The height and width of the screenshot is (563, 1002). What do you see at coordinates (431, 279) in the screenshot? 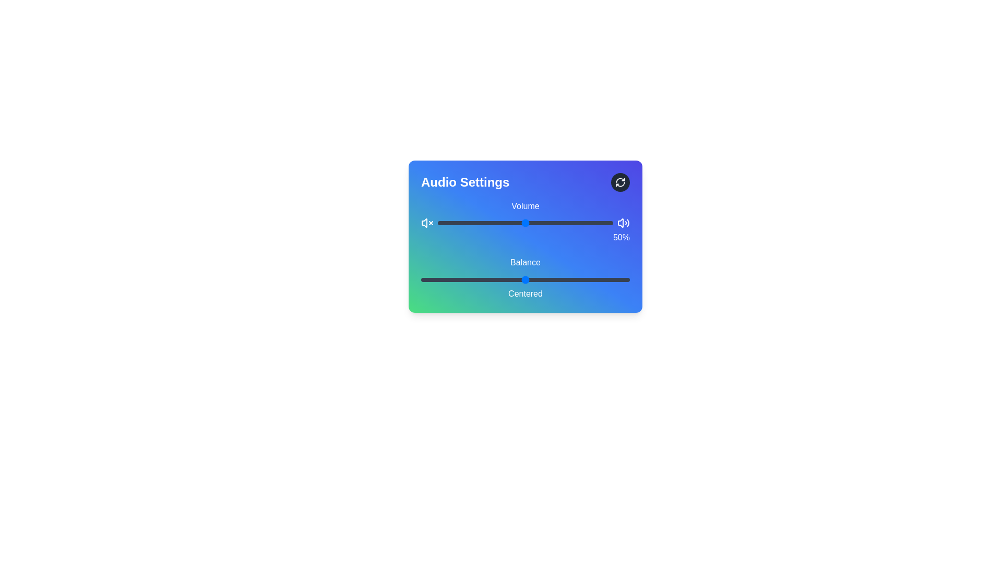
I see `the balance` at bounding box center [431, 279].